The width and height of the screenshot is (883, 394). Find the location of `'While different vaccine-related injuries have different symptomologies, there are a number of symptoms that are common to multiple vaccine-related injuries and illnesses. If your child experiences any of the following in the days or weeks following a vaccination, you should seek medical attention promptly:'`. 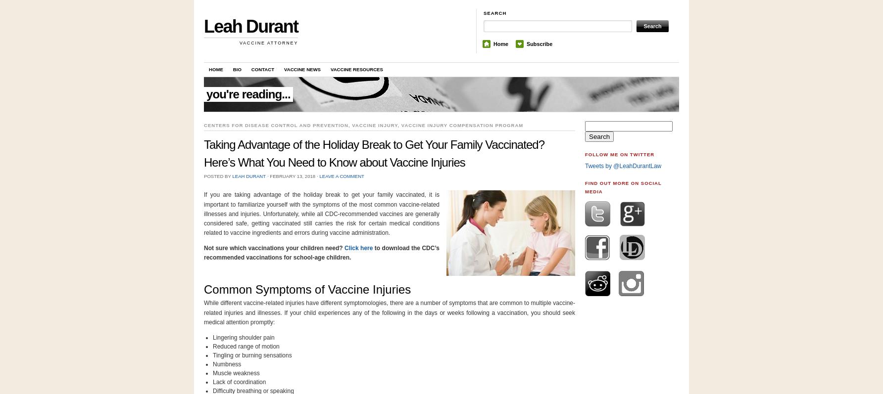

'While different vaccine-related injuries have different symptomologies, there are a number of symptoms that are common to multiple vaccine-related injuries and illnesses. If your child experiences any of the following in the days or weeks following a vaccination, you should seek medical attention promptly:' is located at coordinates (389, 312).